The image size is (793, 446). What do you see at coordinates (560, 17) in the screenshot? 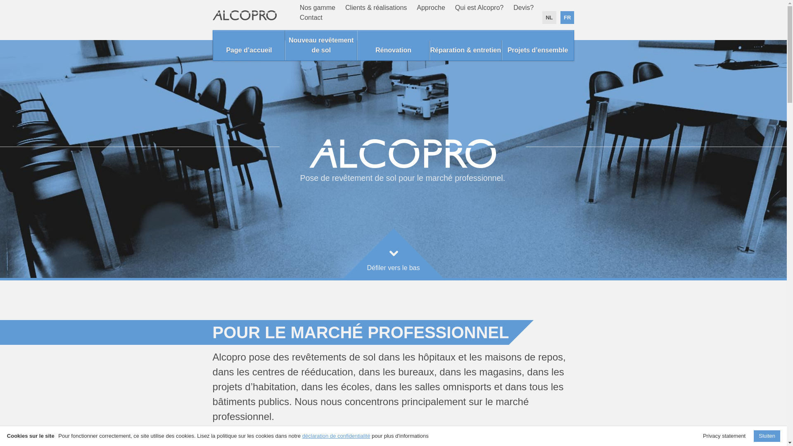
I see `'FR'` at bounding box center [560, 17].